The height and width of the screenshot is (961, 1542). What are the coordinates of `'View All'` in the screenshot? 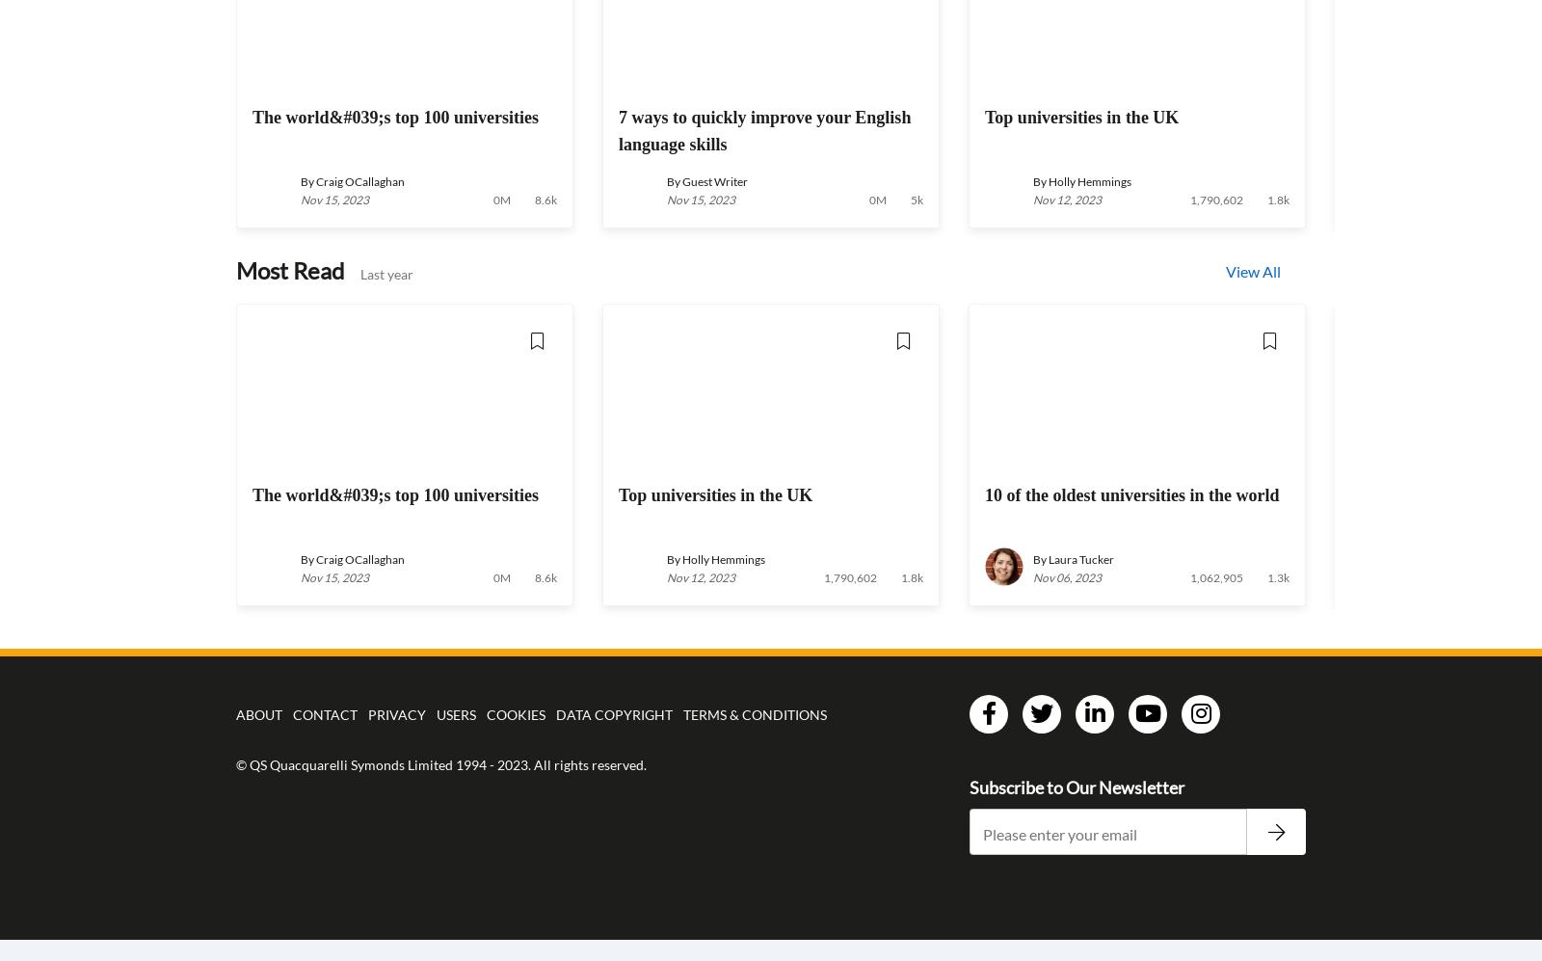 It's located at (1252, 271).